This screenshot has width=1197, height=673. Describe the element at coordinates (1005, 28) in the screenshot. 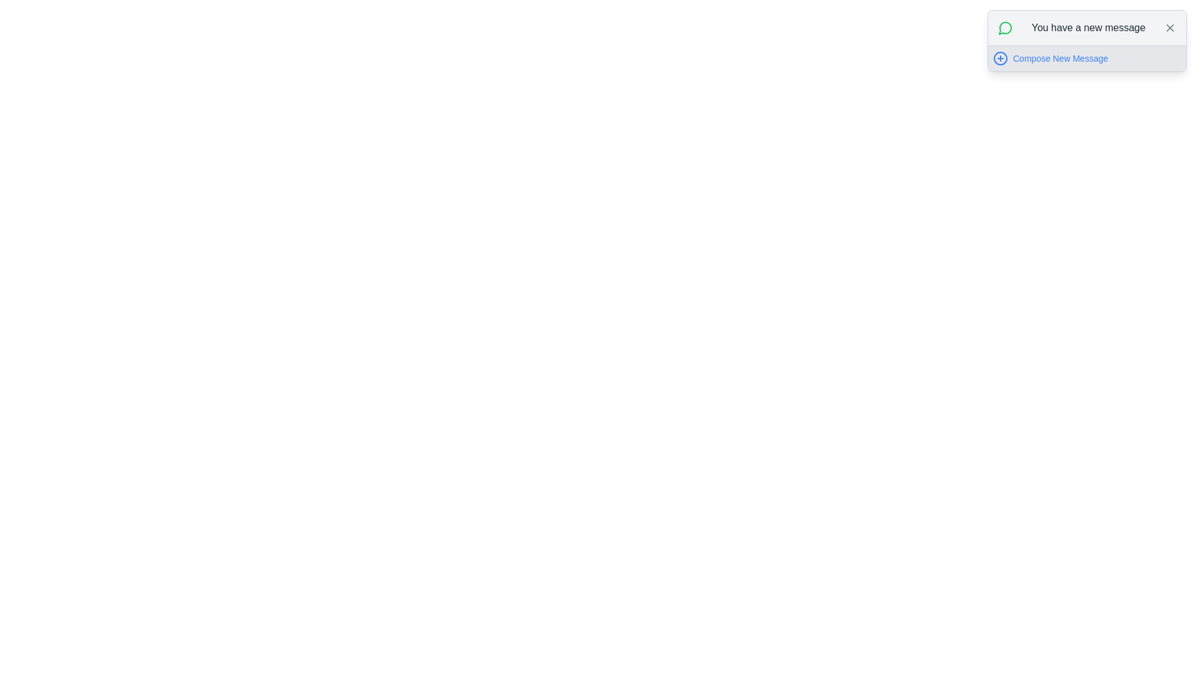

I see `the circular speech bubble icon outlined in green, located to the left of the 'You have a new message' text in the notification panel` at that location.